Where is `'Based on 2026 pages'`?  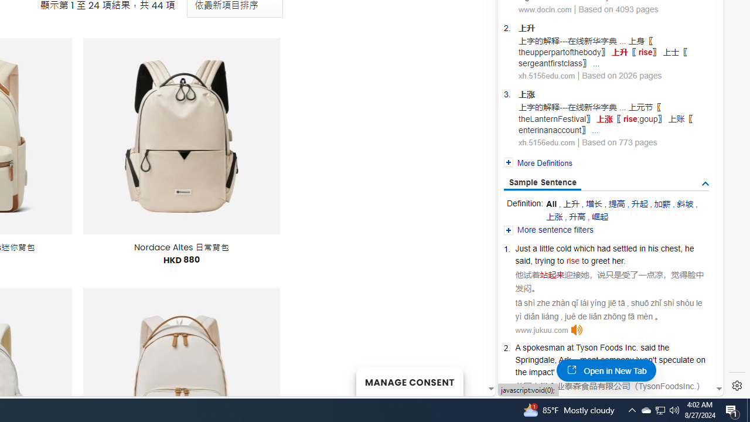
'Based on 2026 pages' is located at coordinates (621, 76).